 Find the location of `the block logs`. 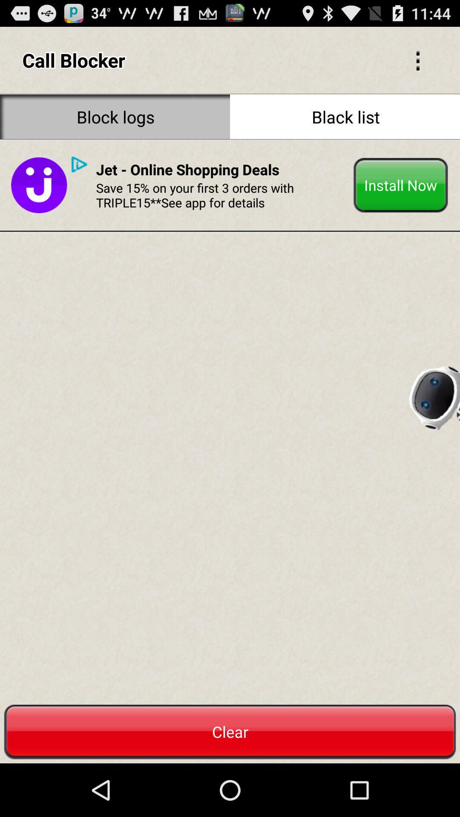

the block logs is located at coordinates (115, 116).